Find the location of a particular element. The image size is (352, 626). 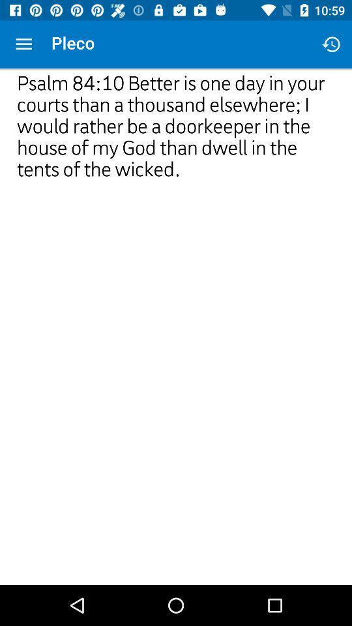

icon above psalm 84 10 icon is located at coordinates (23, 44).